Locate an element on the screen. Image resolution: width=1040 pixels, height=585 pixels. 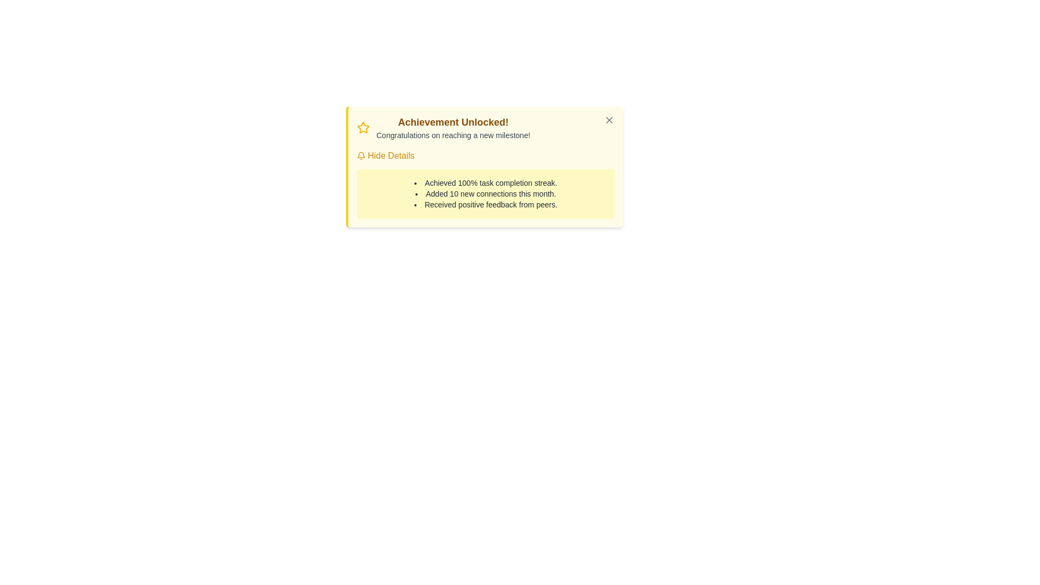
the bell icon that indicates alerts or updates, located to the left of the 'Hide Details' text in the notification card is located at coordinates (361, 156).